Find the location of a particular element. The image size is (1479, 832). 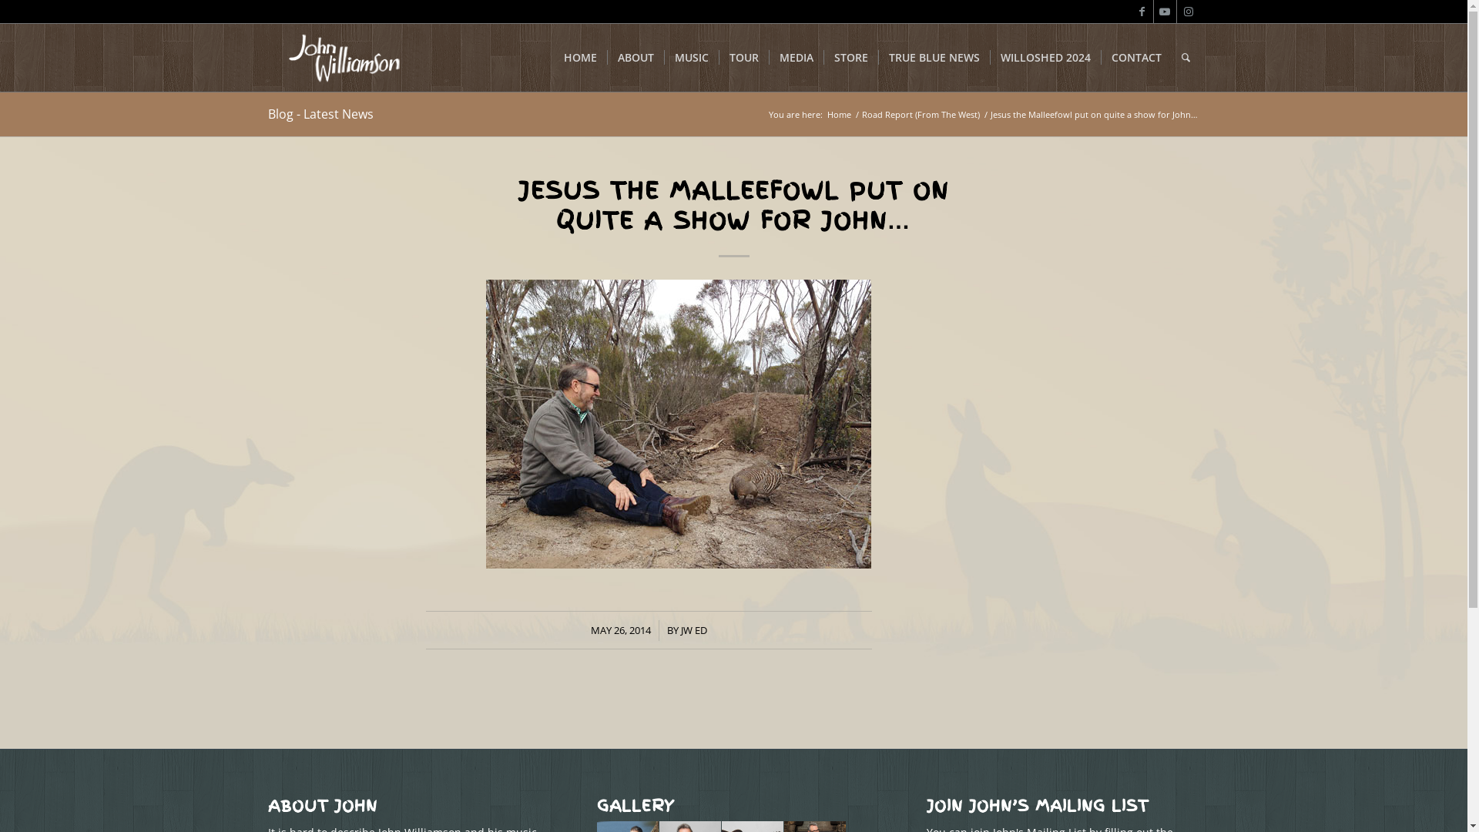

'MUSIC' is located at coordinates (664, 56).